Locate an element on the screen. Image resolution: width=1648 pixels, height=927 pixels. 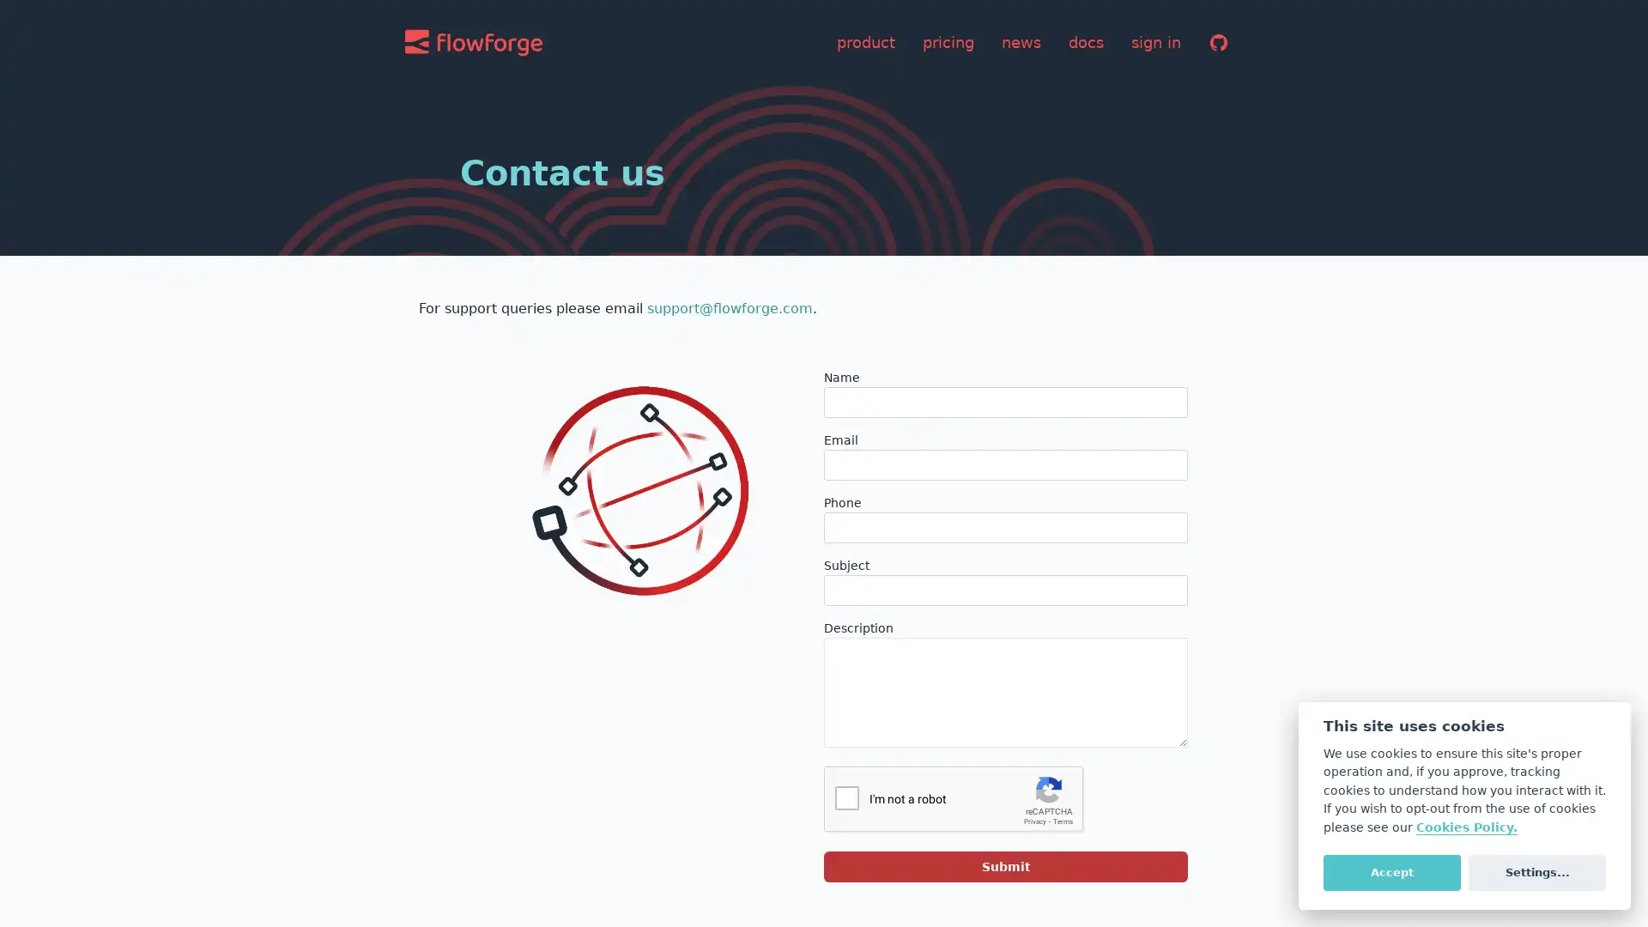
Settings... is located at coordinates (1536, 871).